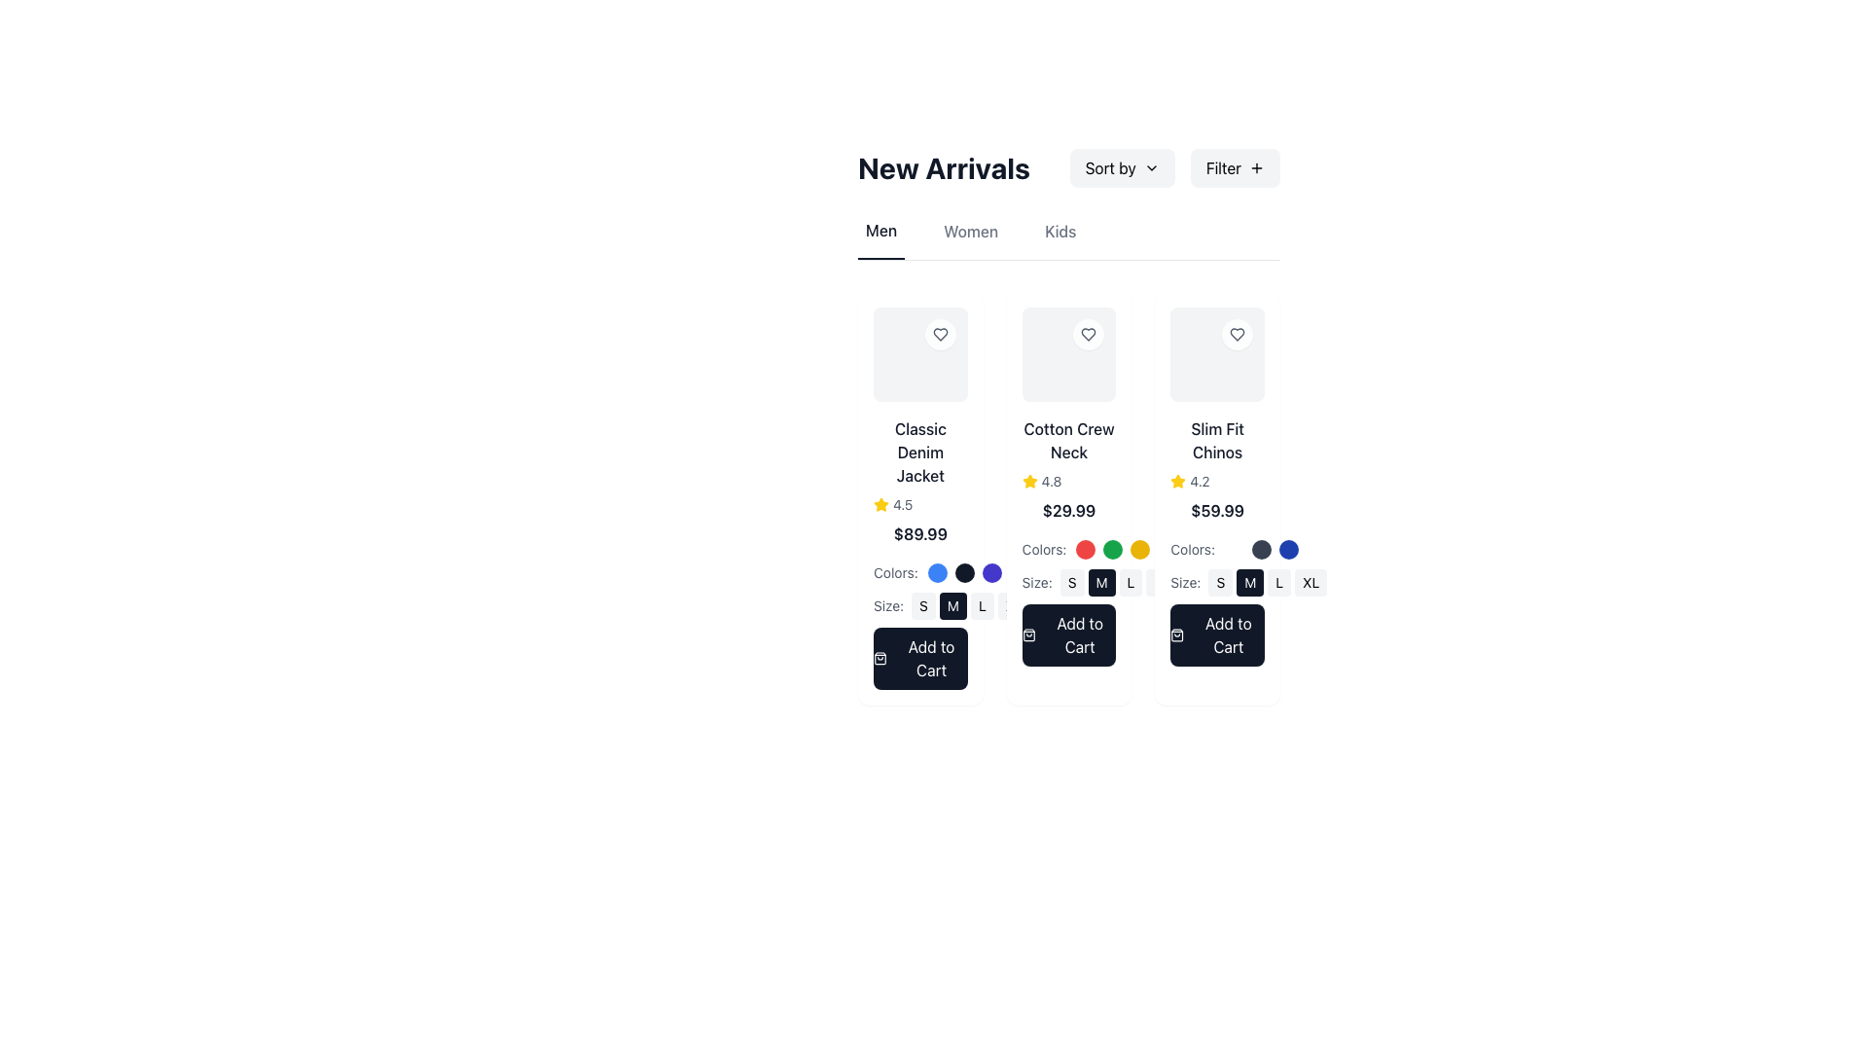  I want to click on the static text displaying the product rating for the 'Classic Denim Jacket' located to the right of the star icon, so click(902, 503).